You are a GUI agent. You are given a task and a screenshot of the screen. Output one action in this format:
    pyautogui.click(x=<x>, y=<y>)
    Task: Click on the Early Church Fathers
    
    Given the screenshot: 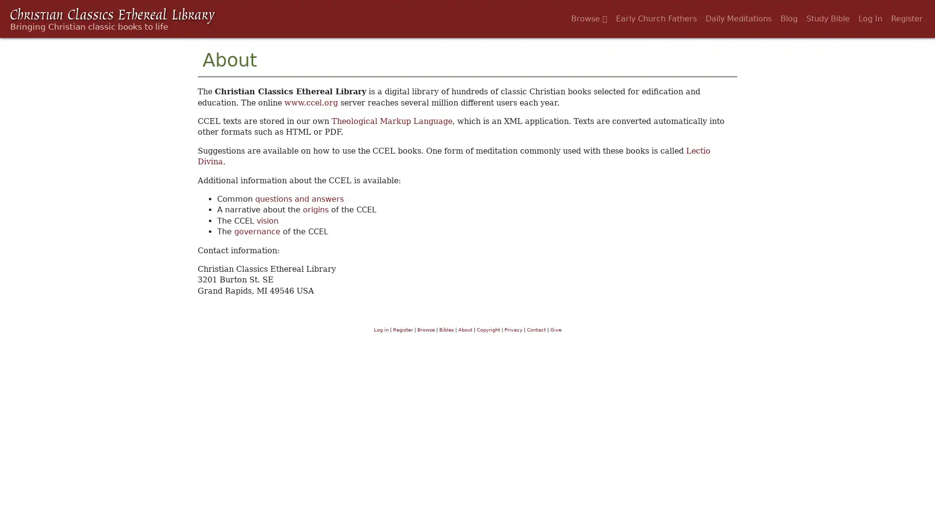 What is the action you would take?
    pyautogui.click(x=656, y=18)
    